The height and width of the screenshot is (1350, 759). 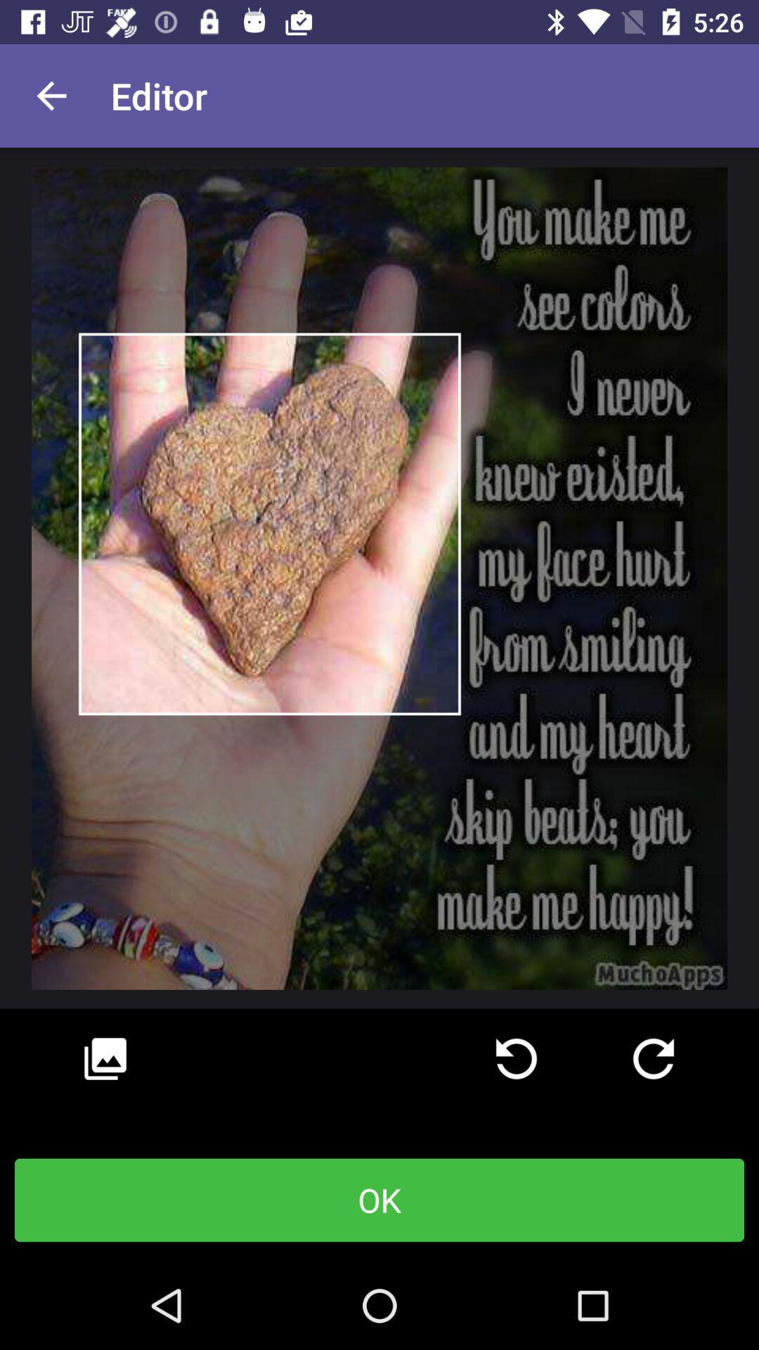 What do you see at coordinates (105, 1059) in the screenshot?
I see `icon at the bottom left corner` at bounding box center [105, 1059].